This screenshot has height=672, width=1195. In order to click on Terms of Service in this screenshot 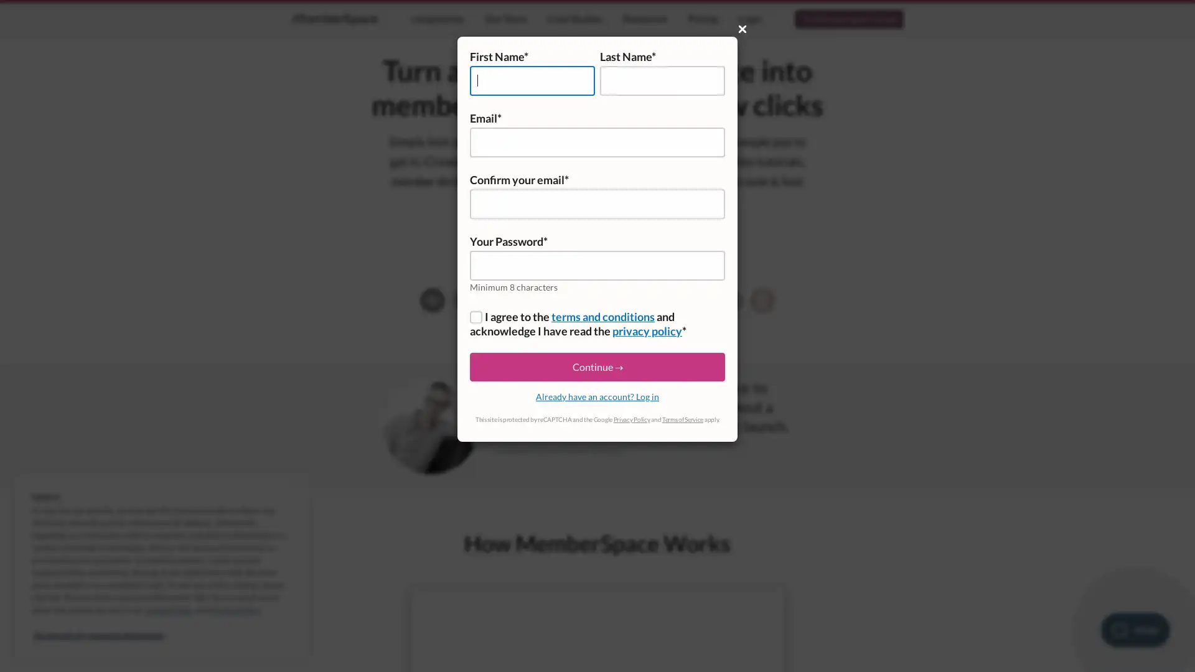, I will do `click(682, 419)`.